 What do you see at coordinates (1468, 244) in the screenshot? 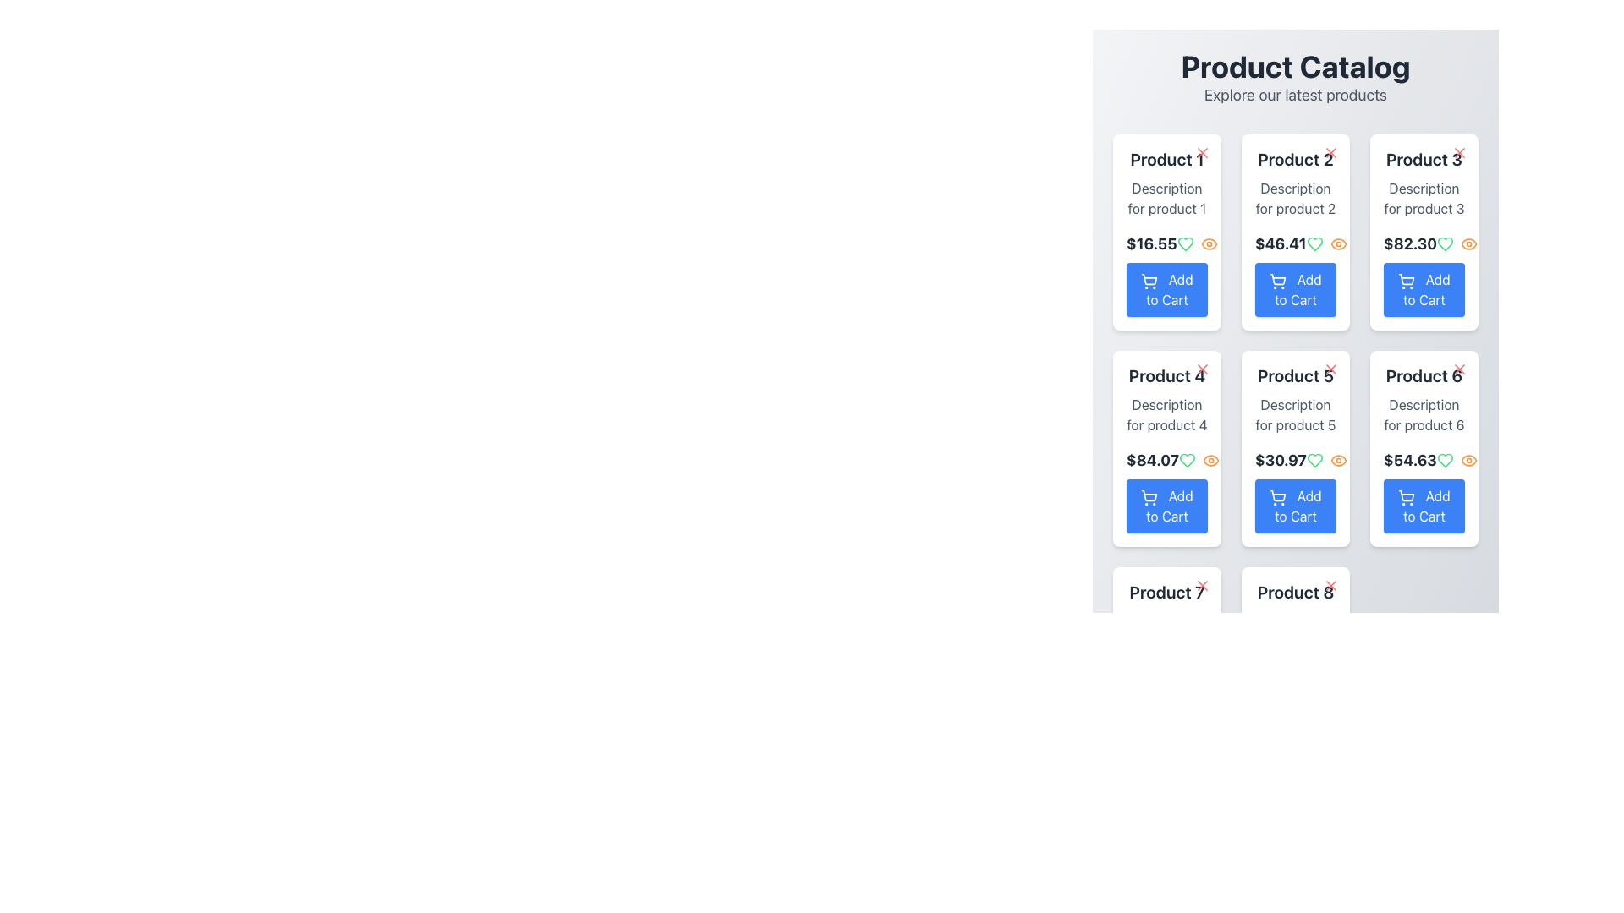
I see `the icon button located in the 'Product 3' card of the product catalog` at bounding box center [1468, 244].